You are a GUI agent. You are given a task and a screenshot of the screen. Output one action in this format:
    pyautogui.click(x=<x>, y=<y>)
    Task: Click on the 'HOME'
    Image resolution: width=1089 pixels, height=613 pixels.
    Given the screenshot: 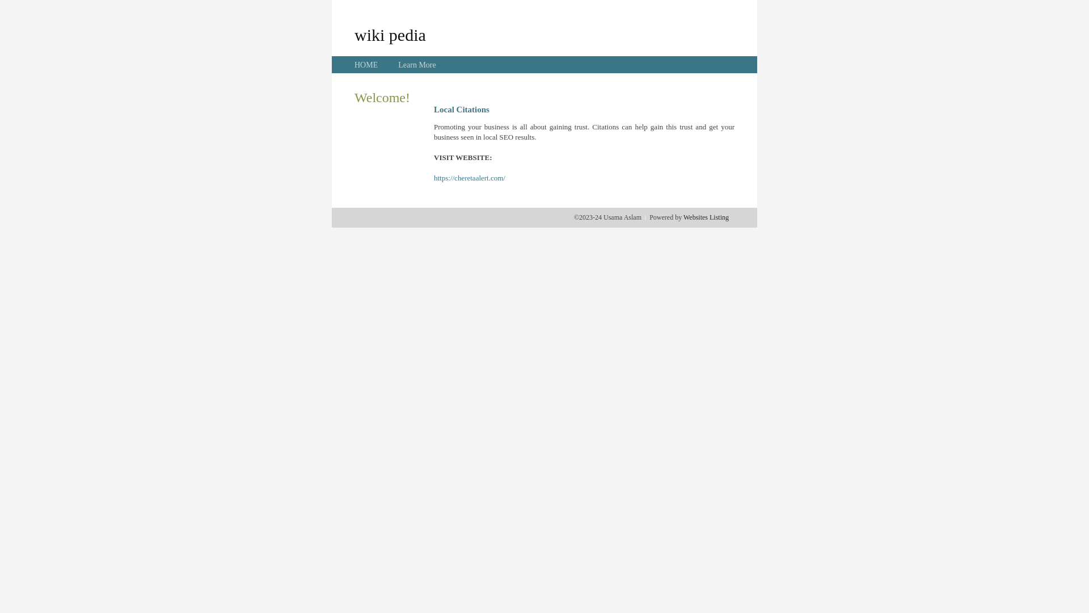 What is the action you would take?
    pyautogui.click(x=353, y=65)
    